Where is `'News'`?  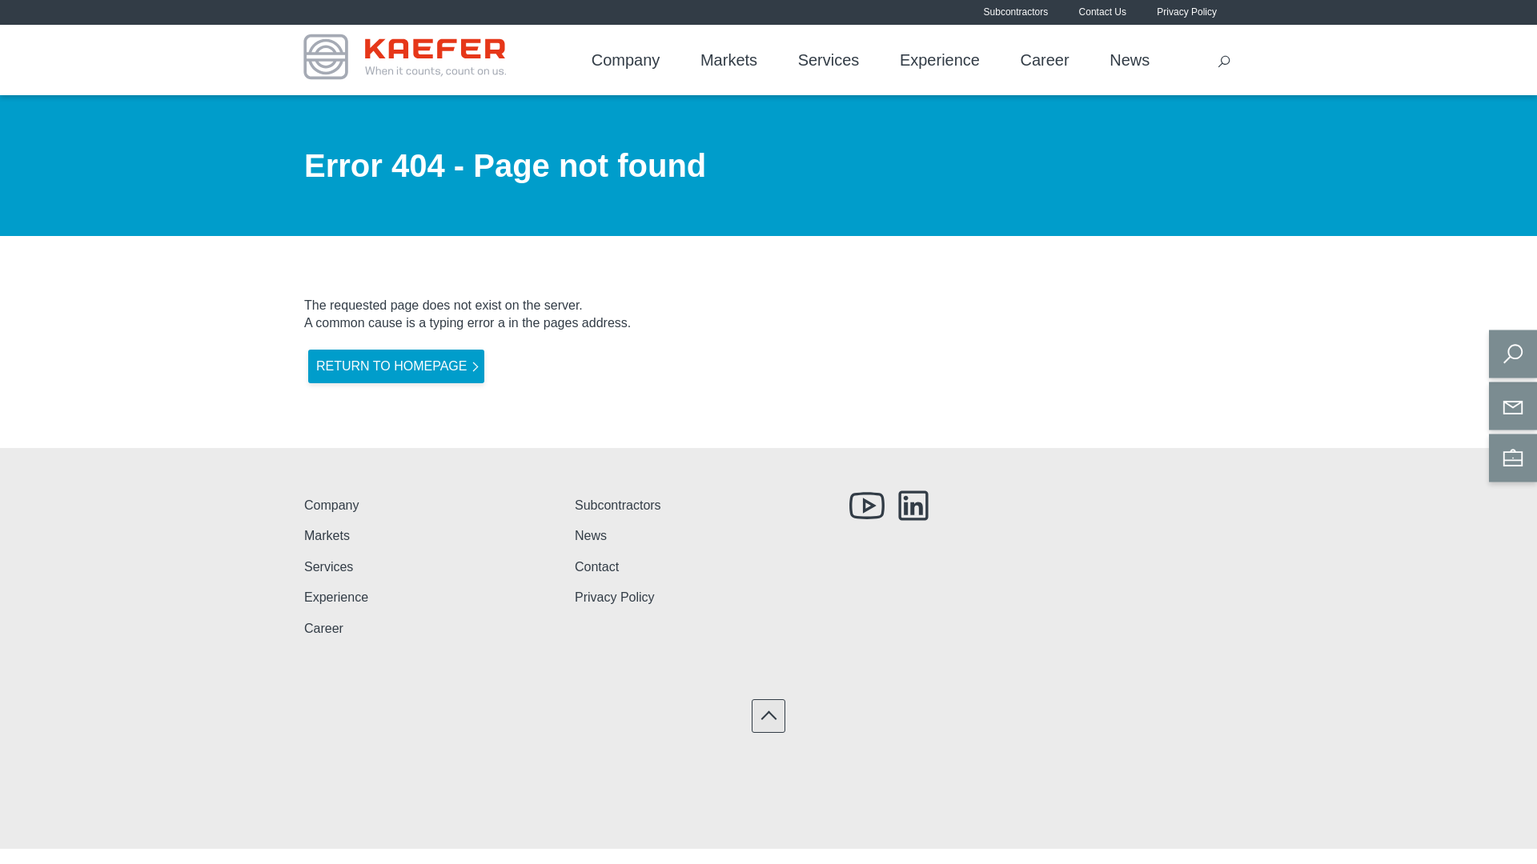
'News' is located at coordinates (590, 536).